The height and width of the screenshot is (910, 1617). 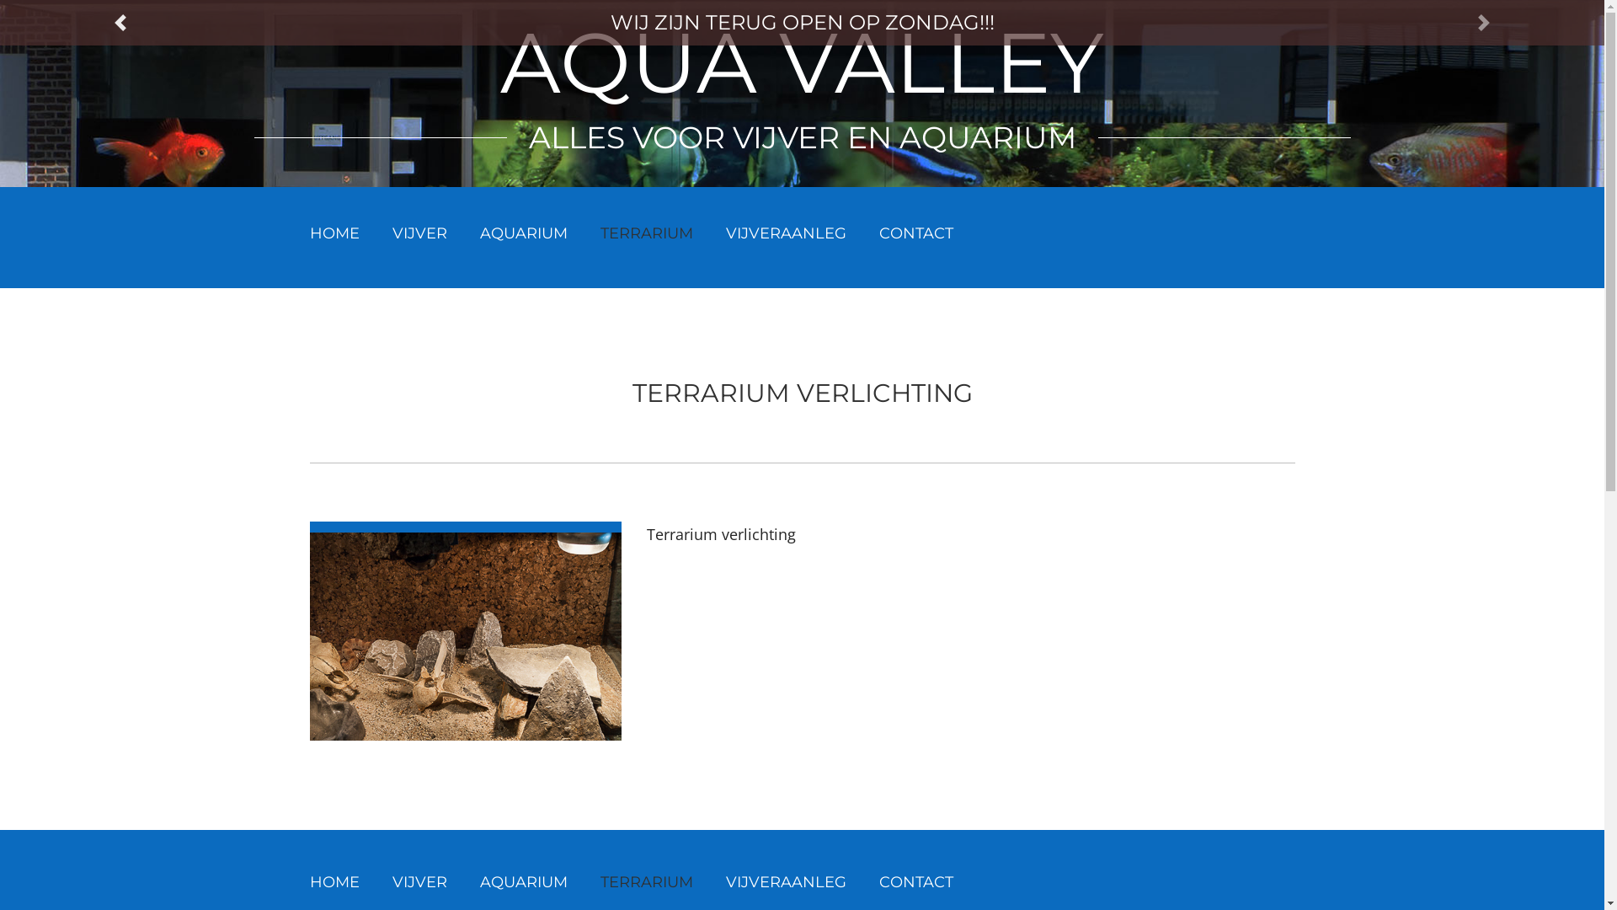 I want to click on 'NEXT', so click(x=1483, y=5).